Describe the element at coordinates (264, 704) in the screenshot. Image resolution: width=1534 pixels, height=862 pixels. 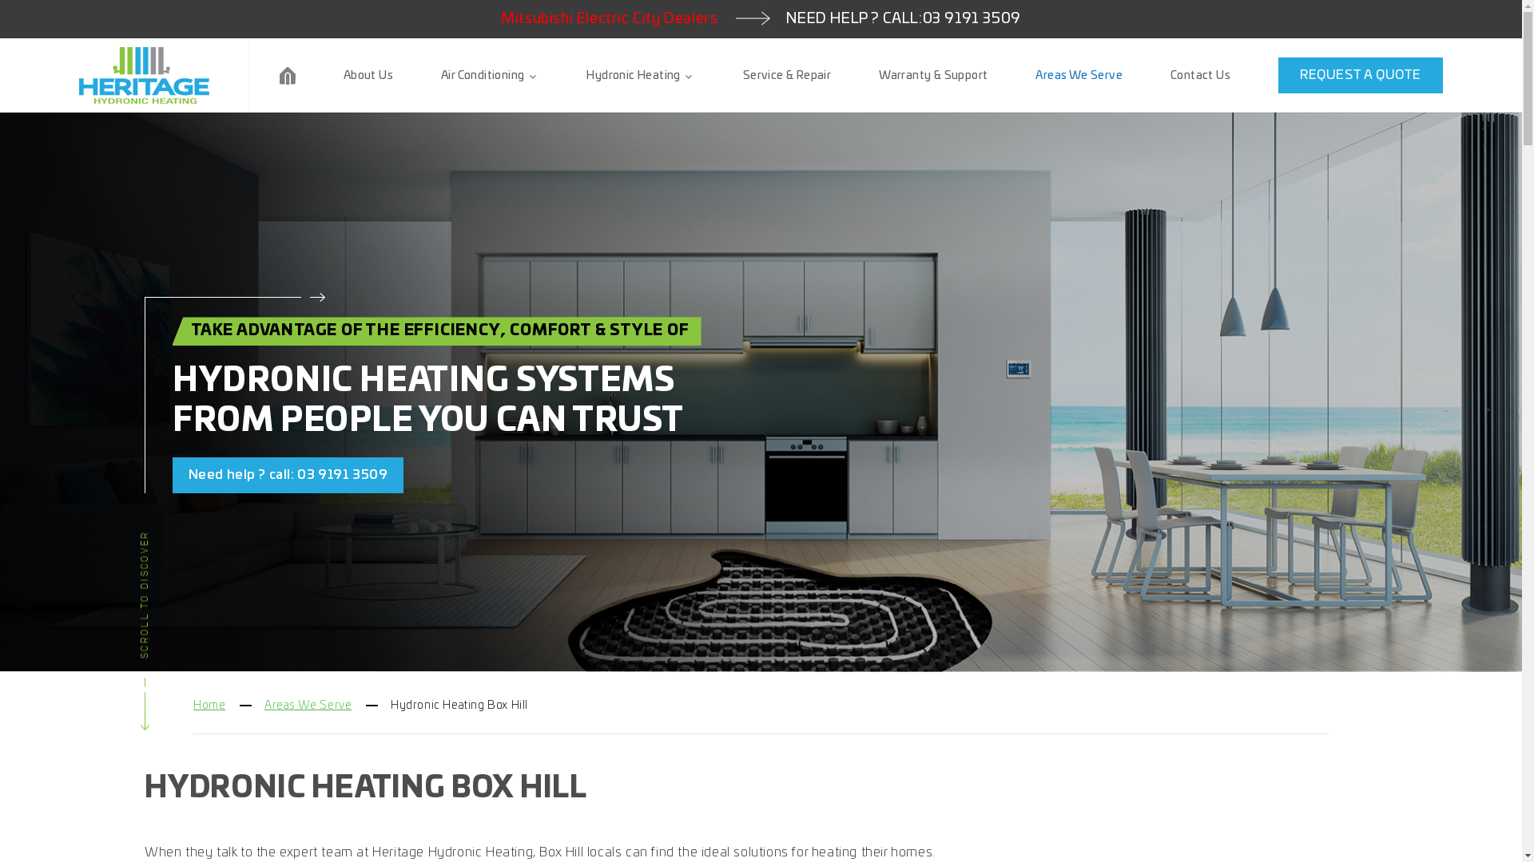
I see `'Areas We Serve'` at that location.